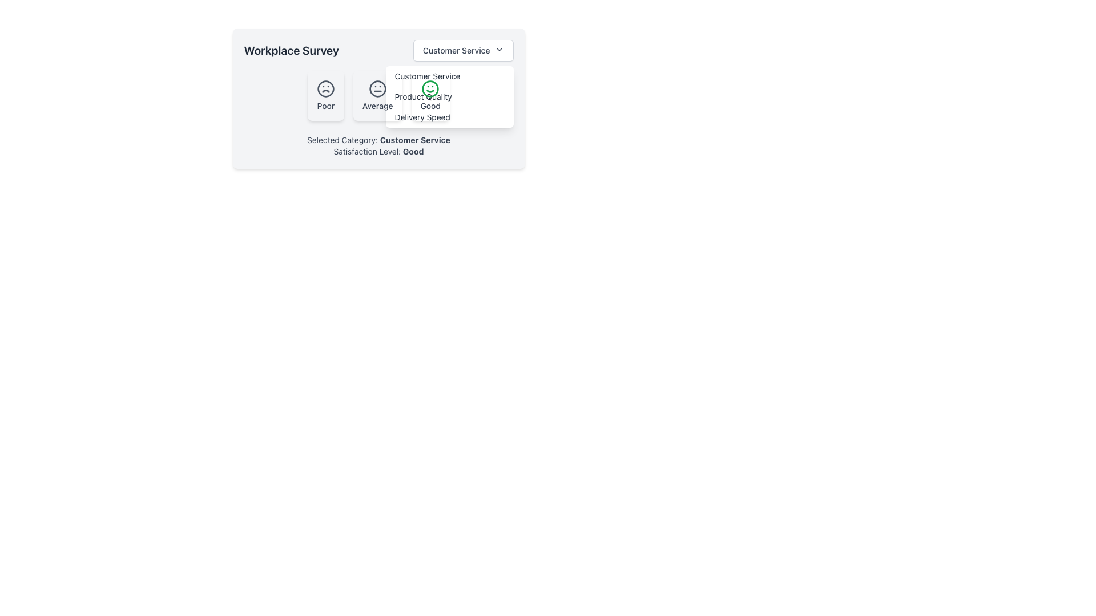 The image size is (1096, 616). I want to click on the circular decorative shape within the smiley face icon located in the dropdown menu, which is the second item in the list, so click(430, 88).